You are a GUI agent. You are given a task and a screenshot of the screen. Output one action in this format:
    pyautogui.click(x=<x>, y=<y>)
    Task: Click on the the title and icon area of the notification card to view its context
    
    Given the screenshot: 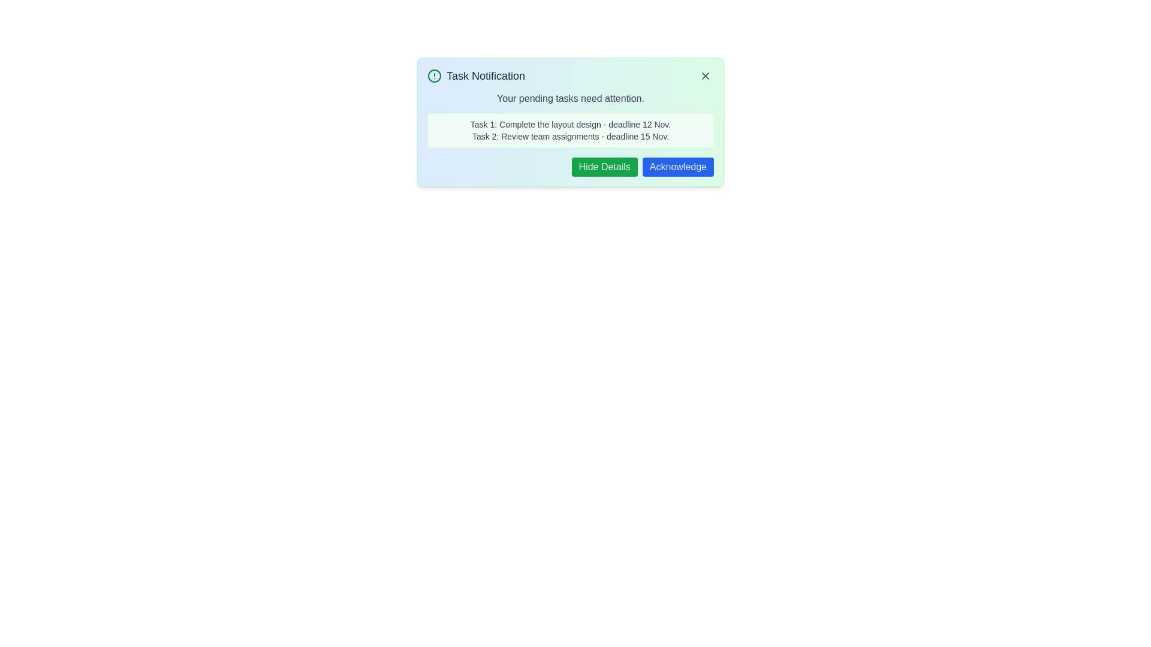 What is the action you would take?
    pyautogui.click(x=570, y=76)
    